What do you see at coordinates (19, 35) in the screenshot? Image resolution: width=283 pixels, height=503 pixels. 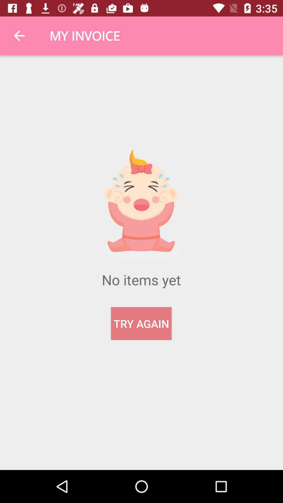 I see `the item next to my invoice` at bounding box center [19, 35].